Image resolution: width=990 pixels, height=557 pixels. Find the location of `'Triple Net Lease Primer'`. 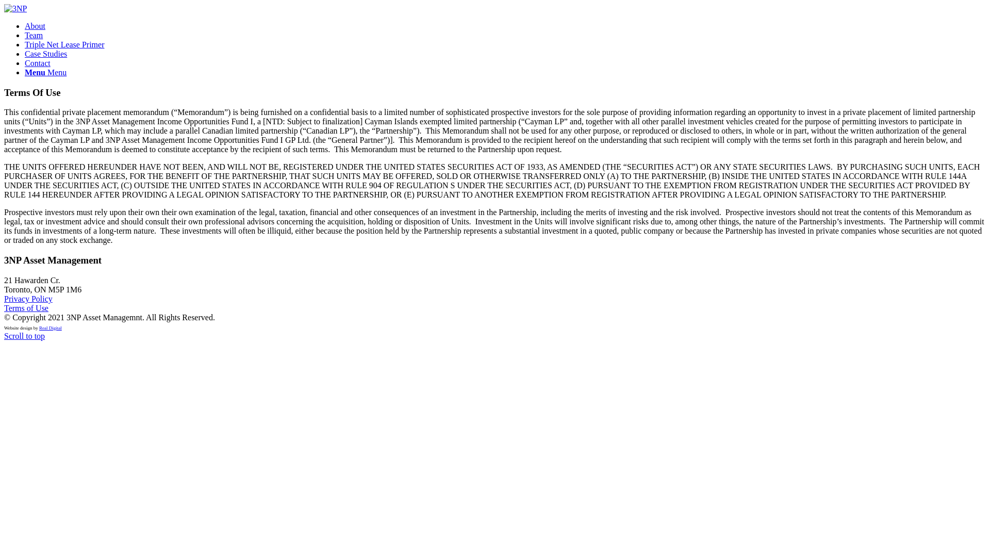

'Triple Net Lease Primer' is located at coordinates (63, 44).